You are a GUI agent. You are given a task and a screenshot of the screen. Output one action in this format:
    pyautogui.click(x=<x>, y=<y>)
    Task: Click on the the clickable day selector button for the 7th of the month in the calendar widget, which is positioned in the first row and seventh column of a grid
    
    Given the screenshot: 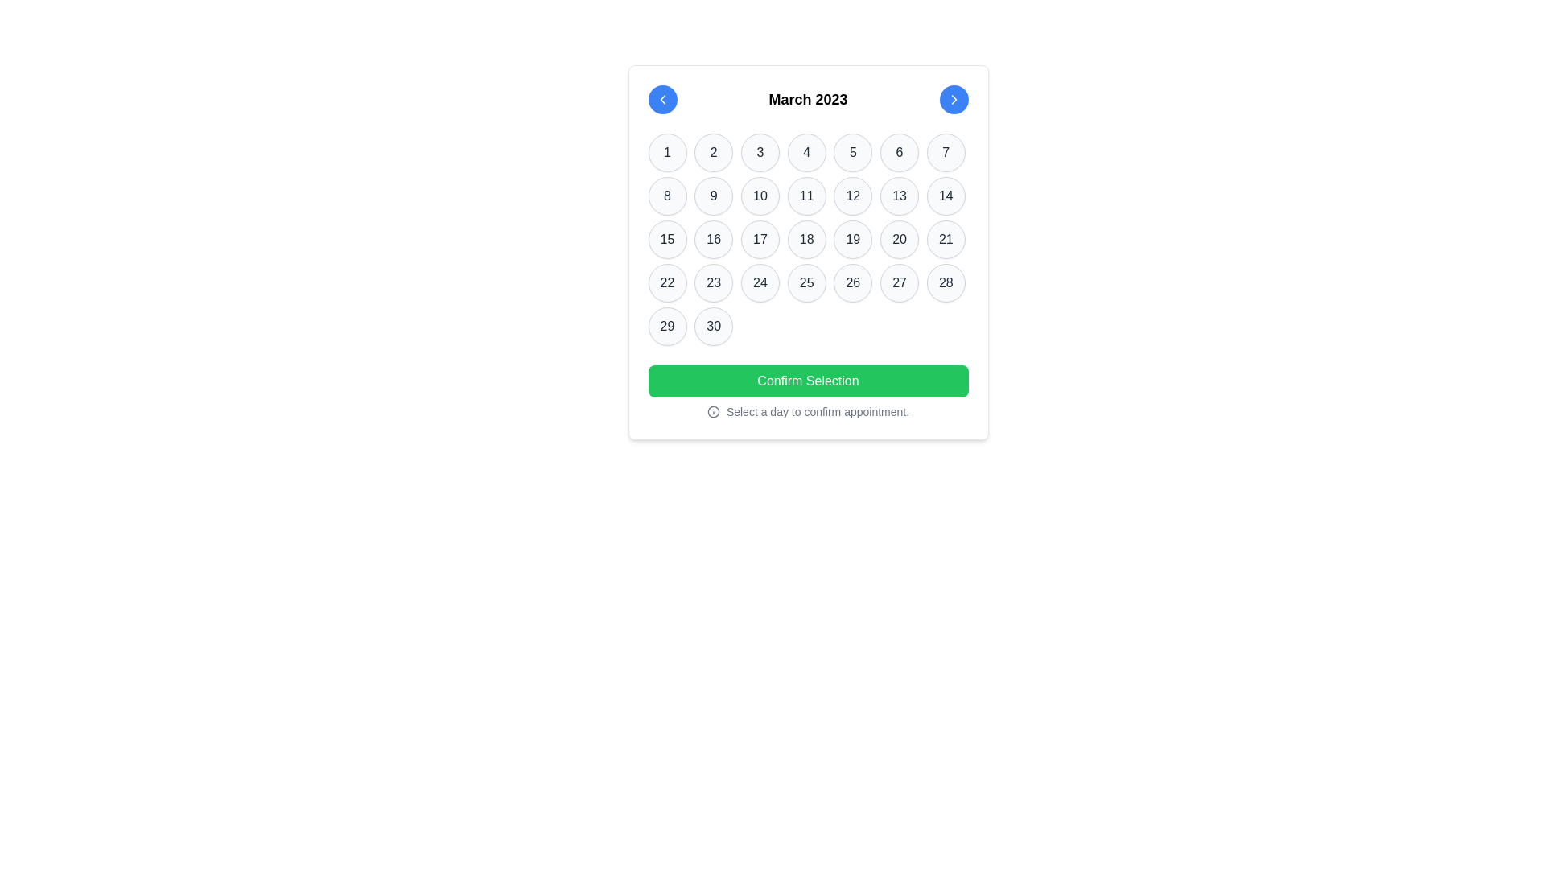 What is the action you would take?
    pyautogui.click(x=946, y=152)
    